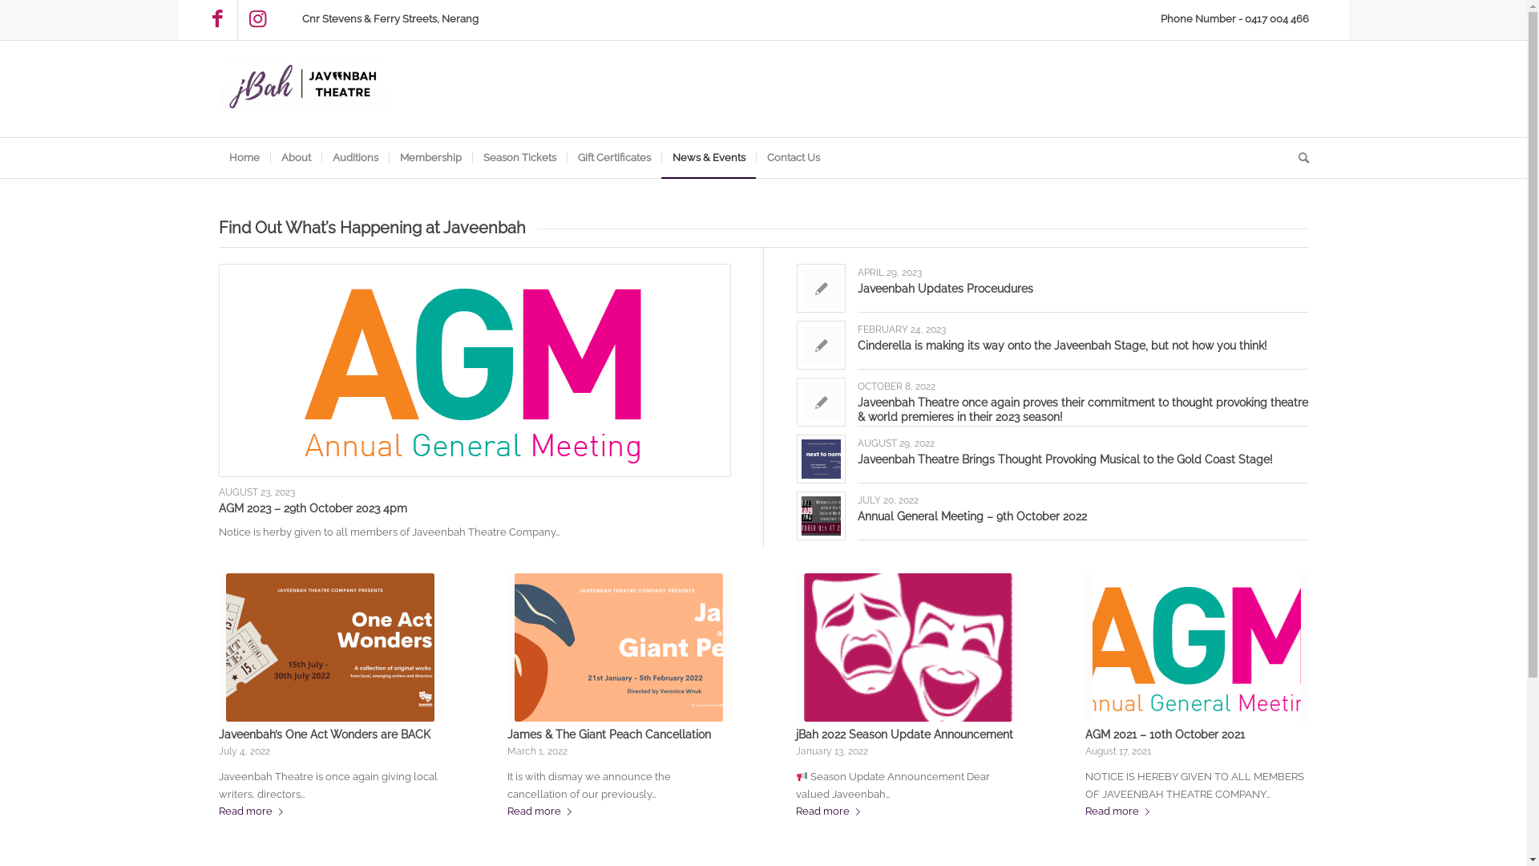  What do you see at coordinates (821, 287) in the screenshot?
I see `'Link to: Javeenbah Updates Proceudures'` at bounding box center [821, 287].